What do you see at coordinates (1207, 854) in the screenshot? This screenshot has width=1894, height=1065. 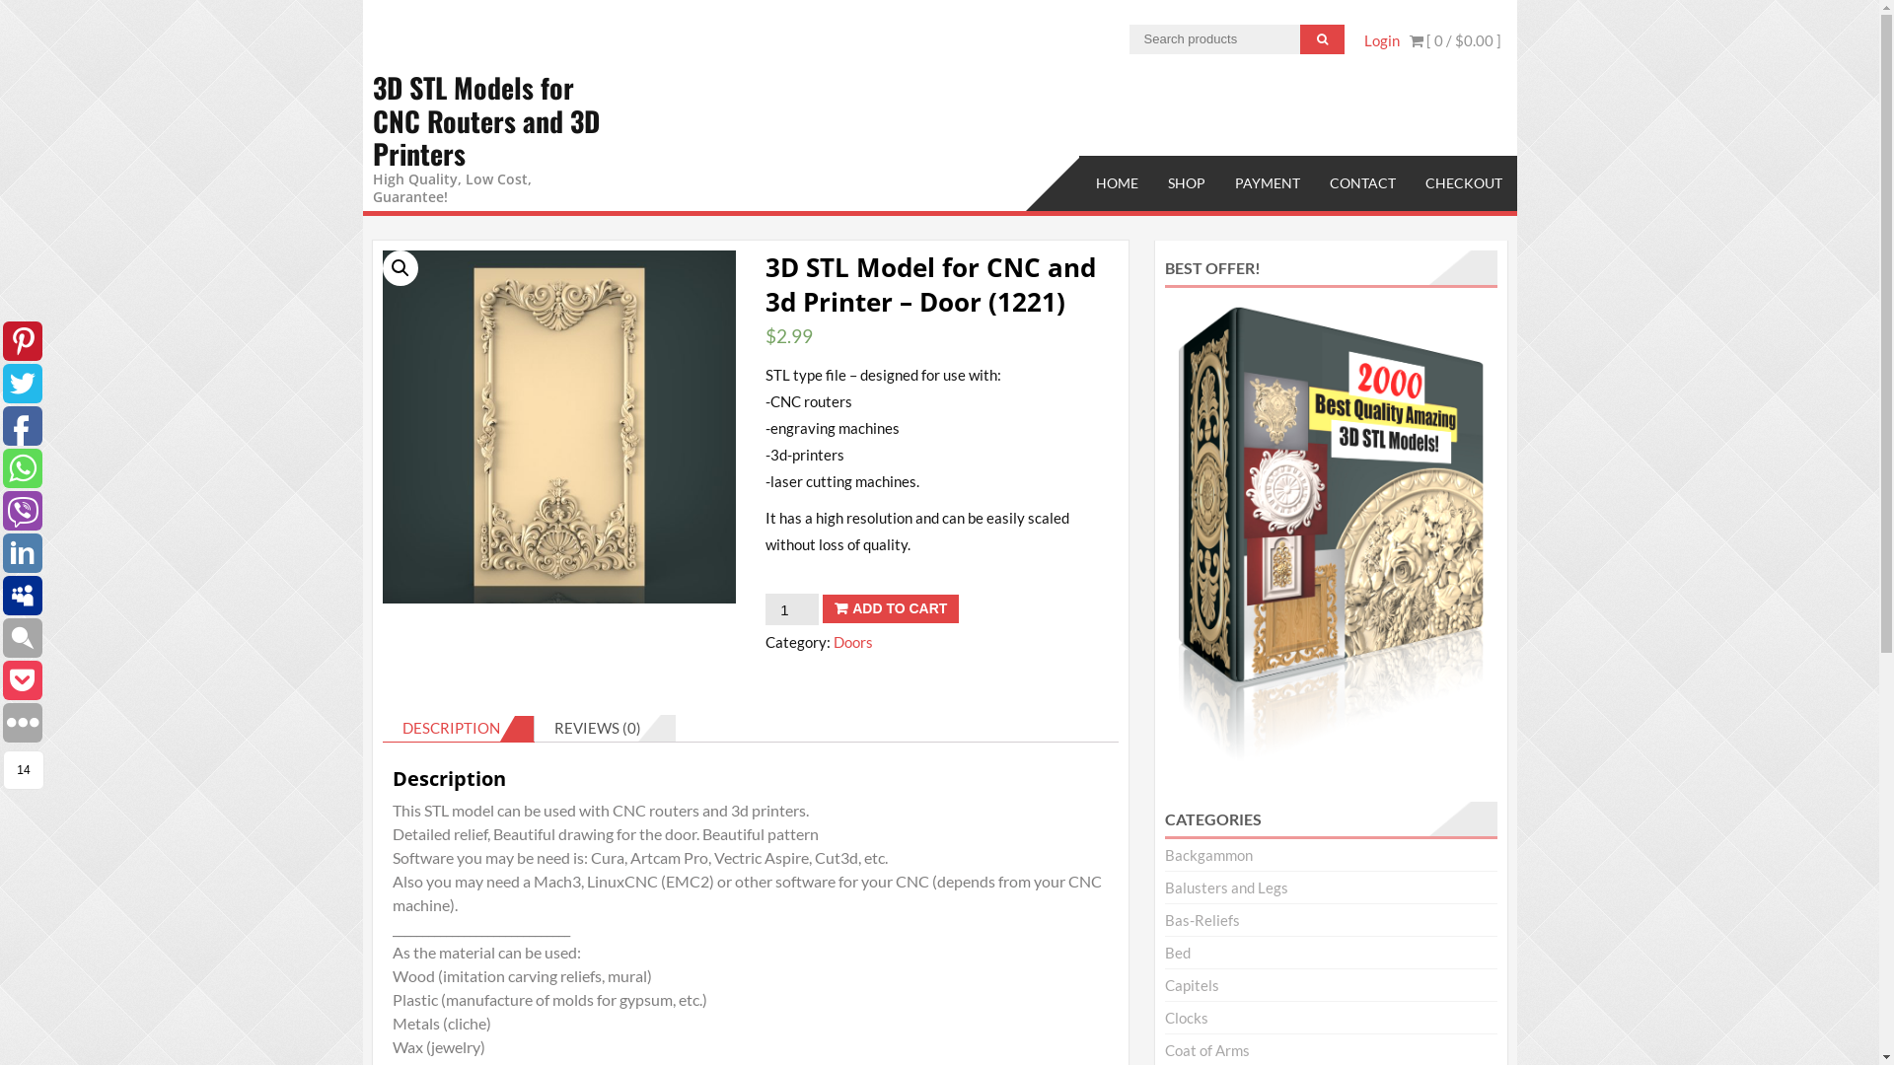 I see `'Backgammon'` at bounding box center [1207, 854].